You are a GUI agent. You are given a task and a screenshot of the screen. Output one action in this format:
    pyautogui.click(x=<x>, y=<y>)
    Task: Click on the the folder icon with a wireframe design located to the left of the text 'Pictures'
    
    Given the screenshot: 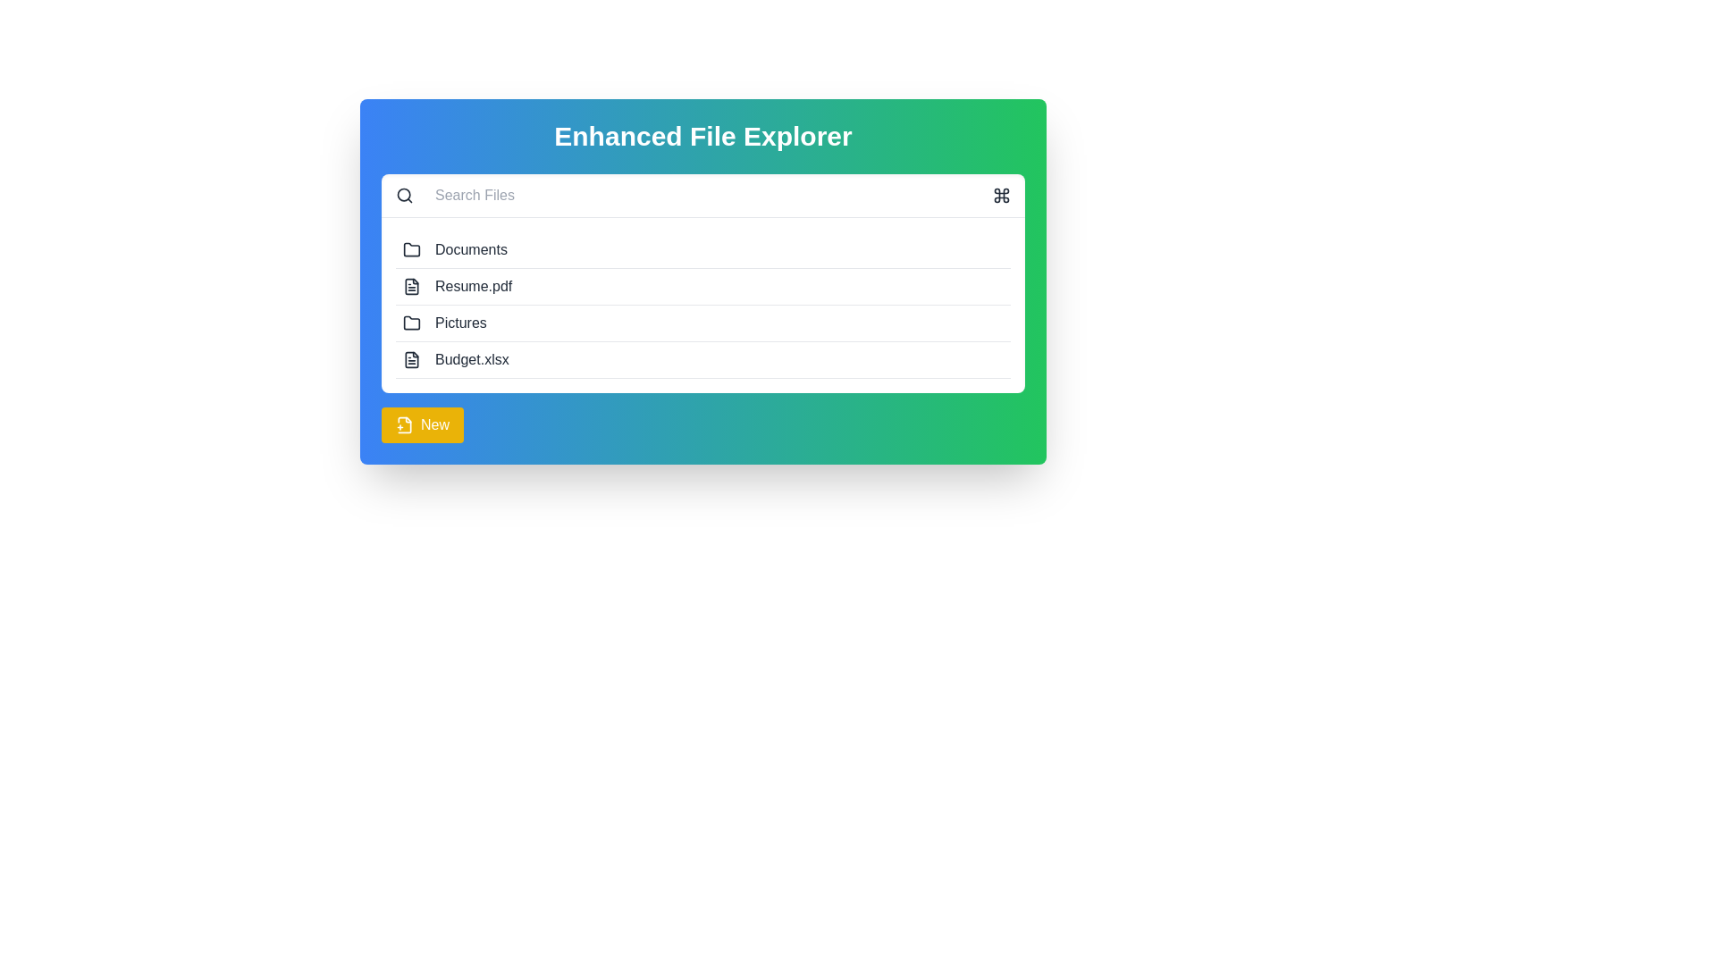 What is the action you would take?
    pyautogui.click(x=410, y=323)
    